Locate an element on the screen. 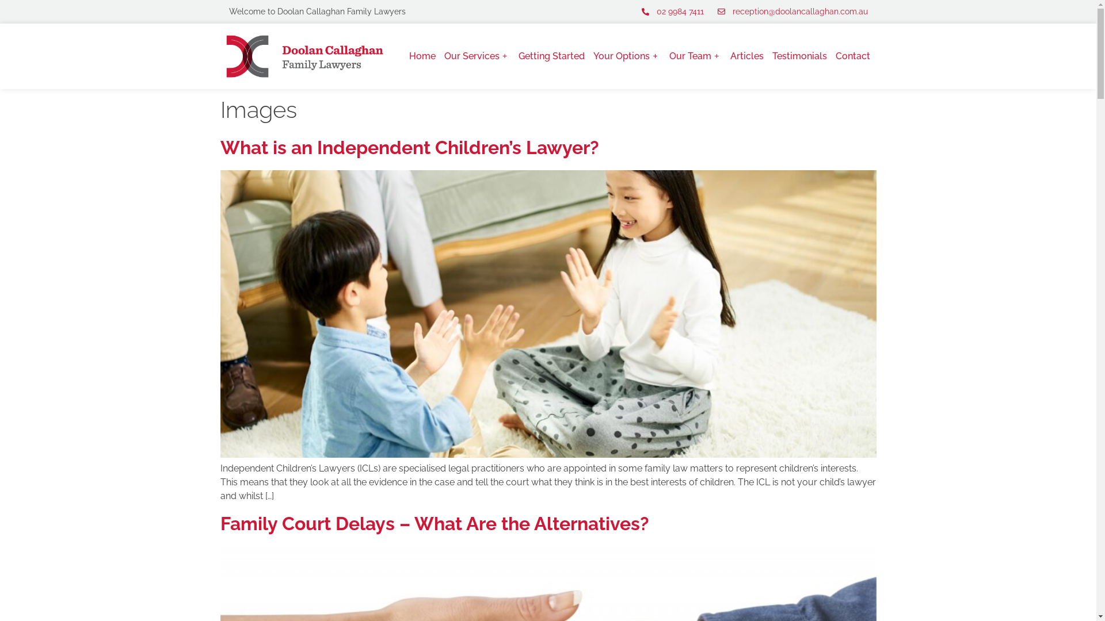  'Contact' is located at coordinates (853, 56).